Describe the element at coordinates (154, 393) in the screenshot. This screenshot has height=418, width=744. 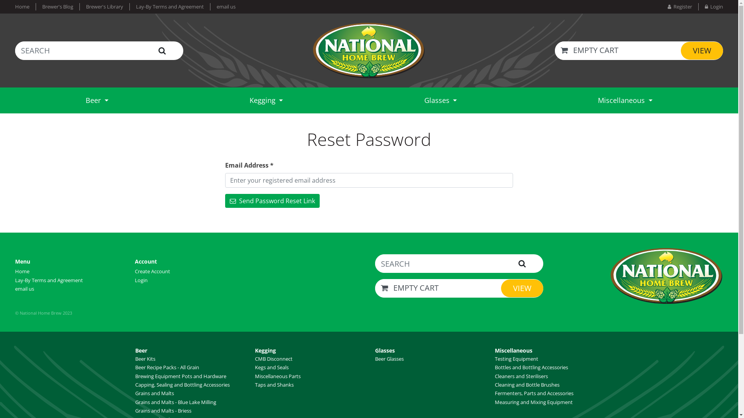
I see `'Grains and Malts'` at that location.